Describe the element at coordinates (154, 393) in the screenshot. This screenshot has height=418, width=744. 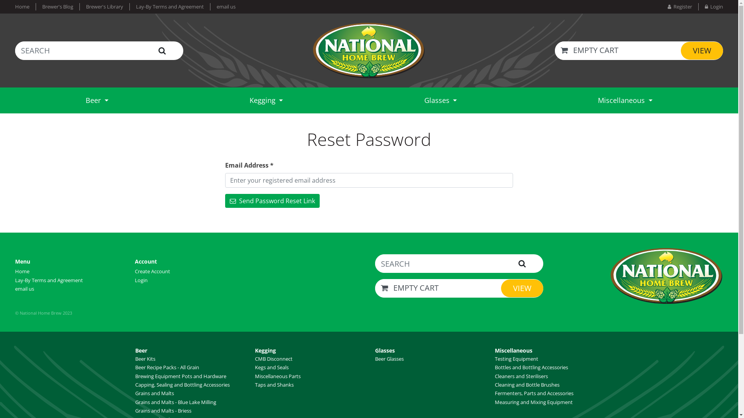
I see `'Grains and Malts'` at that location.